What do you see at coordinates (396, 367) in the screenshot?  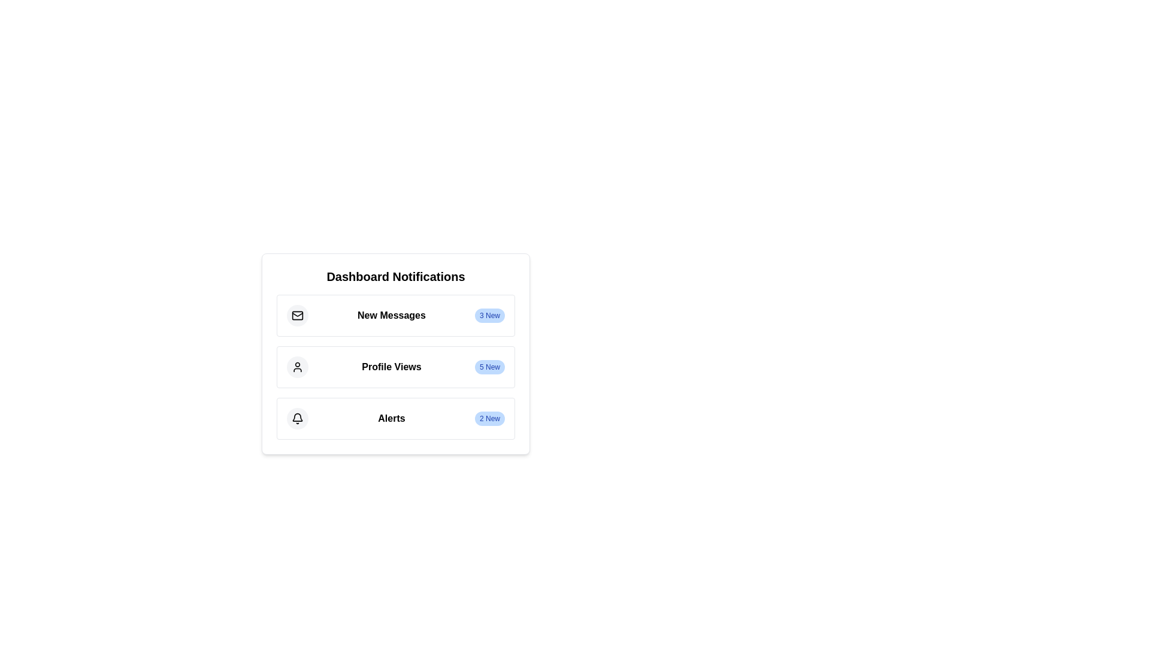 I see `the Notification Item displaying 'Profile Views' with a blue badge indicating '5 New', located between 'New Messages' and 'Alerts'` at bounding box center [396, 367].